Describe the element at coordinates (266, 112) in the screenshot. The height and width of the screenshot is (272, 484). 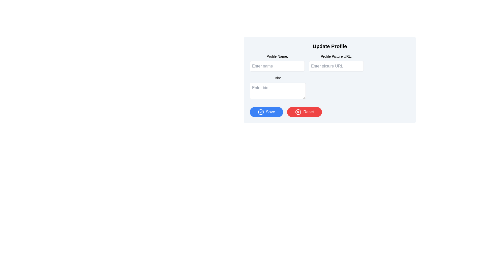
I see `the 'Save' button, which has a blue background and white text` at that location.